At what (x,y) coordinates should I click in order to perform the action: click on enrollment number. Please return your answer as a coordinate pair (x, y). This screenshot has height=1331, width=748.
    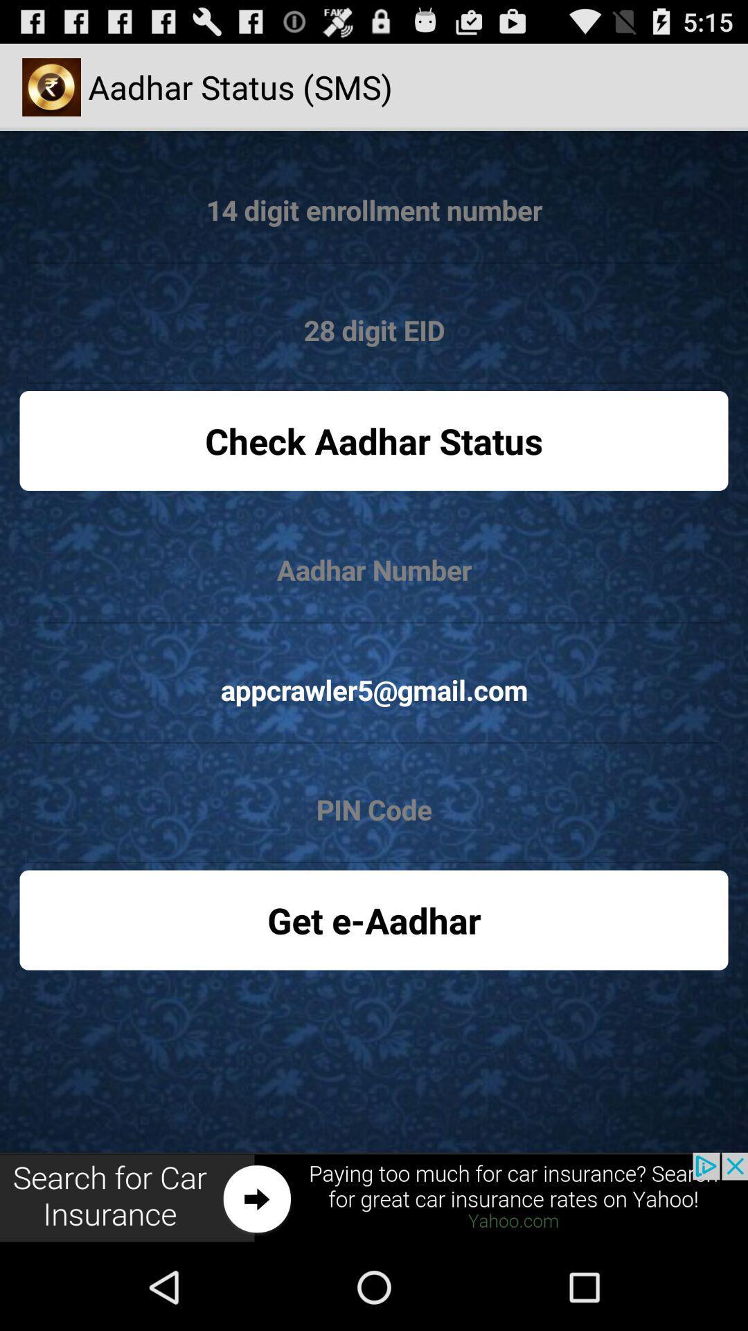
    Looking at the image, I should click on (374, 210).